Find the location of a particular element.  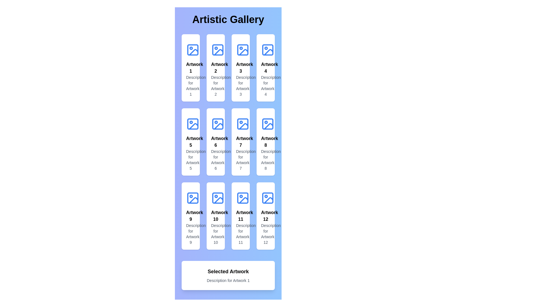

the decorative graphical element in the ninth artwork thumbnail (row three, column one) of the 4x3 grid layout, which is part of an SVG icon with a blue outline box is located at coordinates (194, 200).